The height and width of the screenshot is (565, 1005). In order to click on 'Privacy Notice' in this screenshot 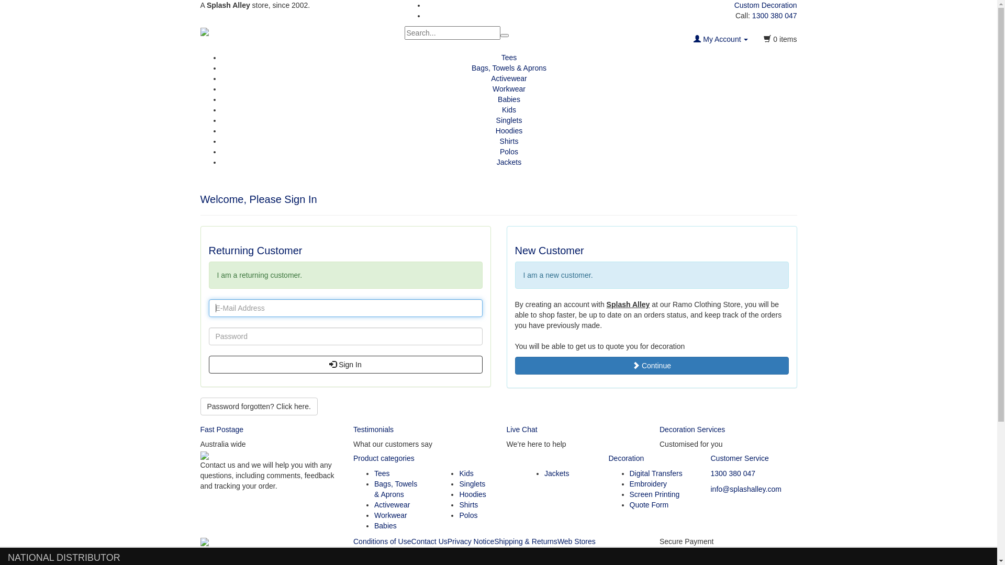, I will do `click(470, 541)`.